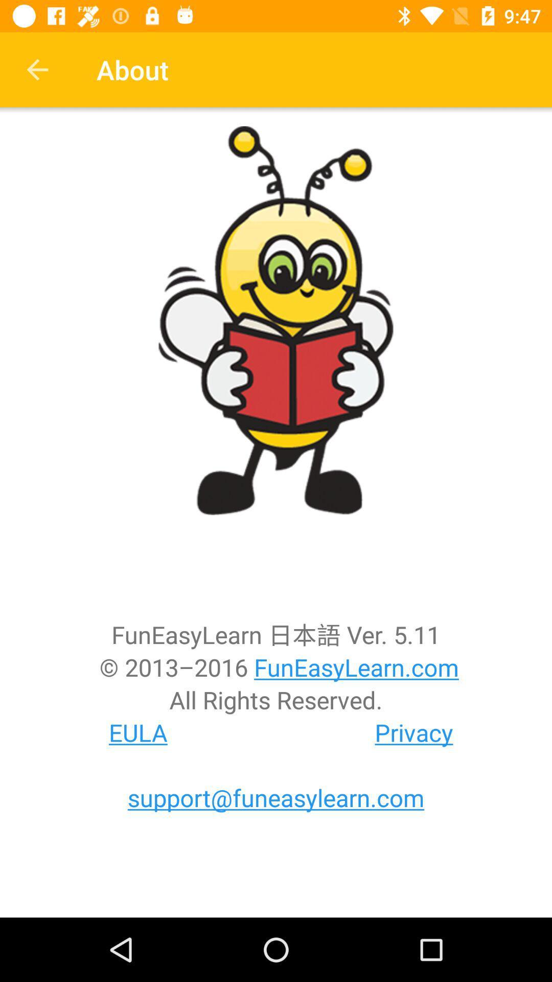  What do you see at coordinates (414, 732) in the screenshot?
I see `the icon below all rights reserved.` at bounding box center [414, 732].